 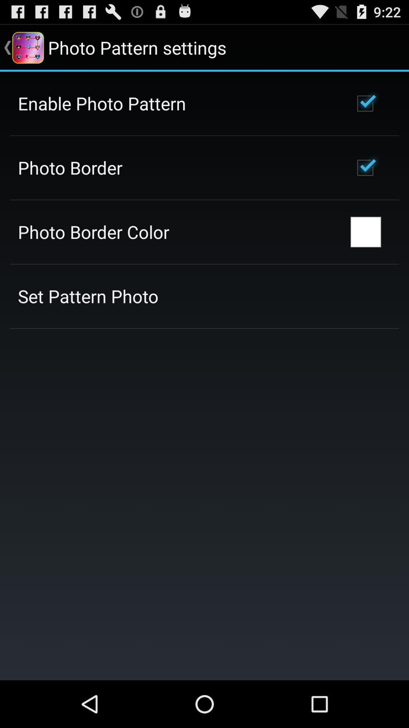 I want to click on the app next to photo border color icon, so click(x=365, y=231).